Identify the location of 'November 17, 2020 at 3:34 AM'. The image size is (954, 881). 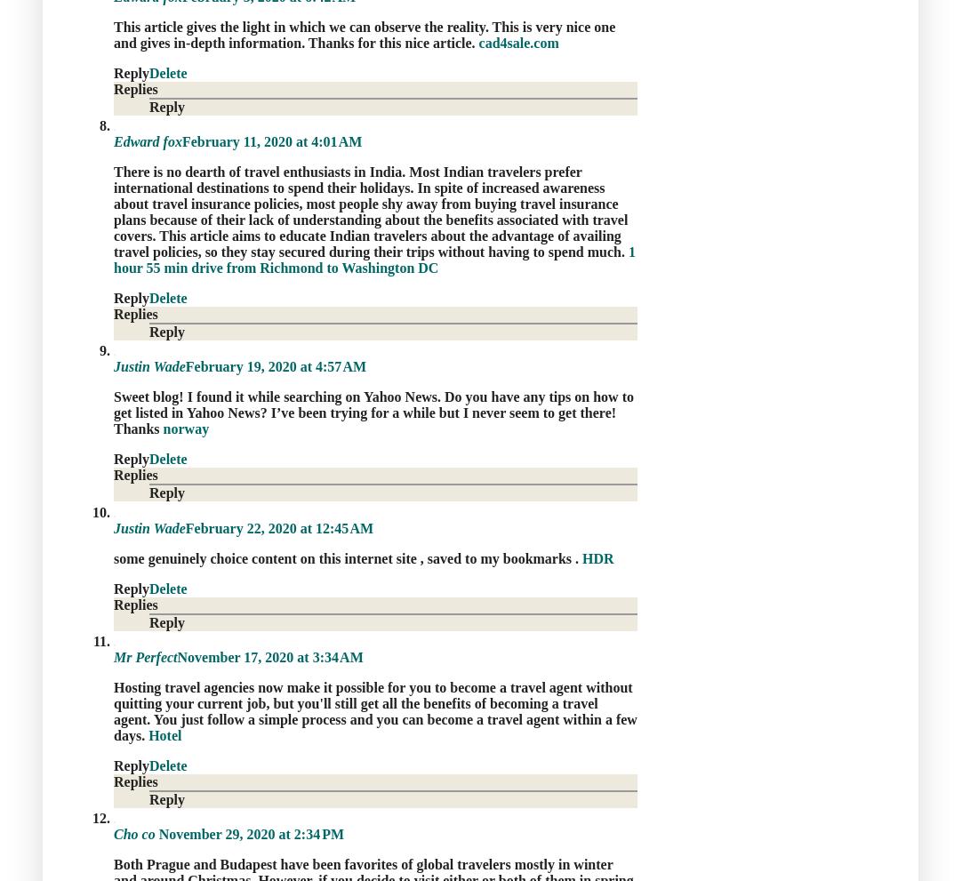
(269, 655).